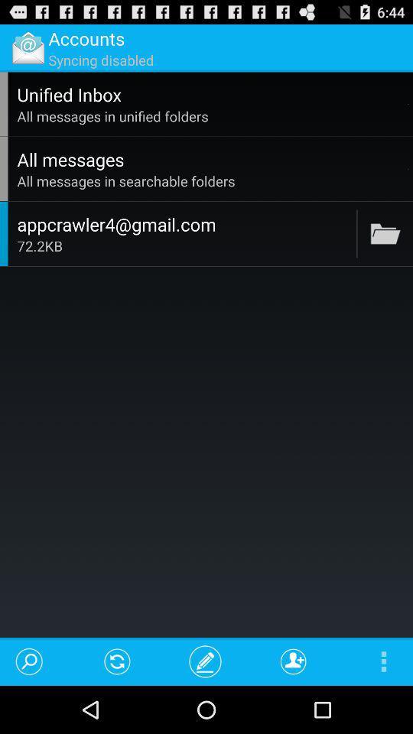 The width and height of the screenshot is (413, 734). What do you see at coordinates (205, 661) in the screenshot?
I see `the pencil symbol` at bounding box center [205, 661].